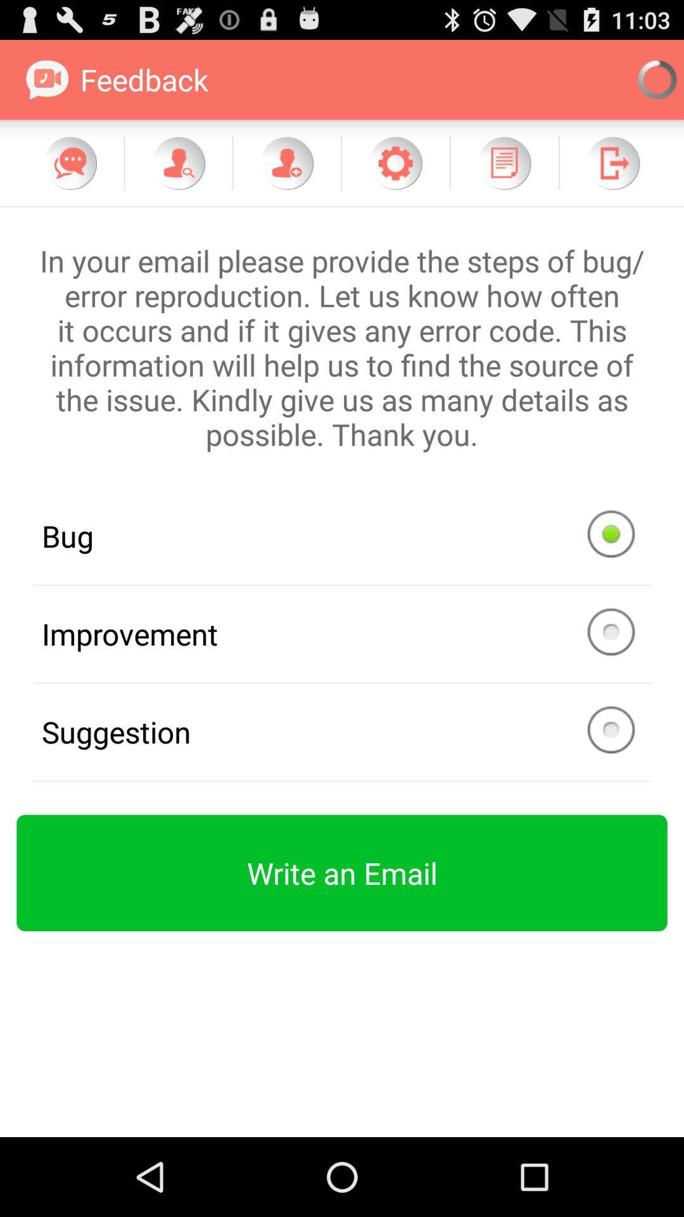  Describe the element at coordinates (612, 162) in the screenshot. I see `send to` at that location.